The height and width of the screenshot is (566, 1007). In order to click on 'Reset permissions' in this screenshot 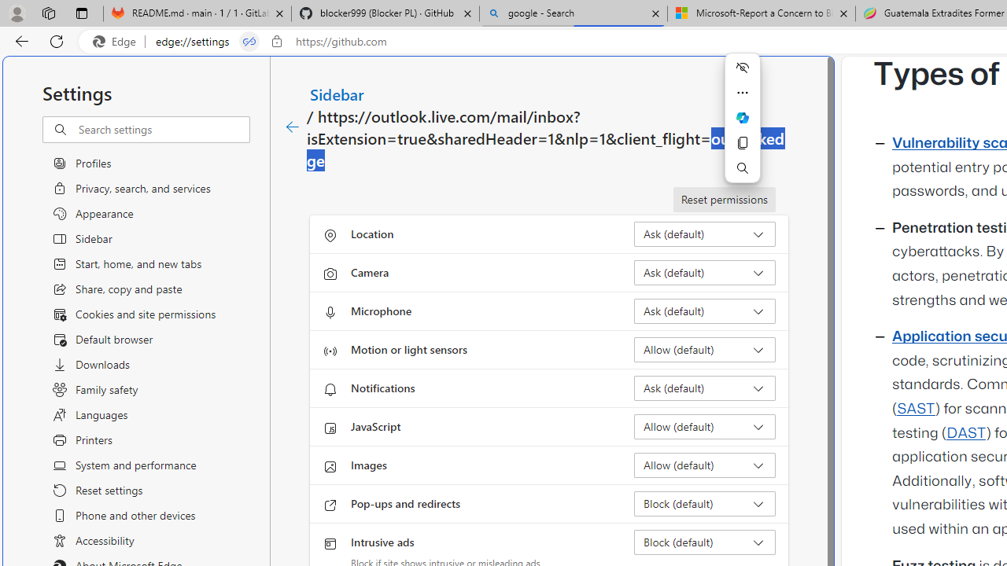, I will do `click(723, 199)`.